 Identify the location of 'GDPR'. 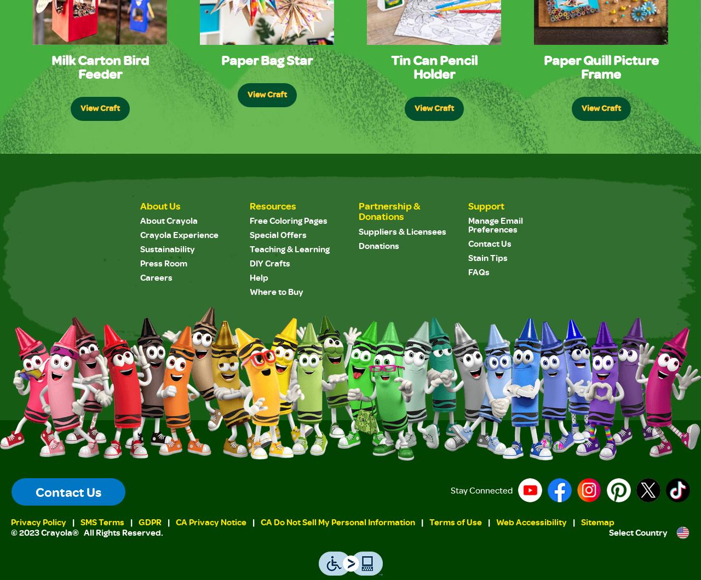
(150, 521).